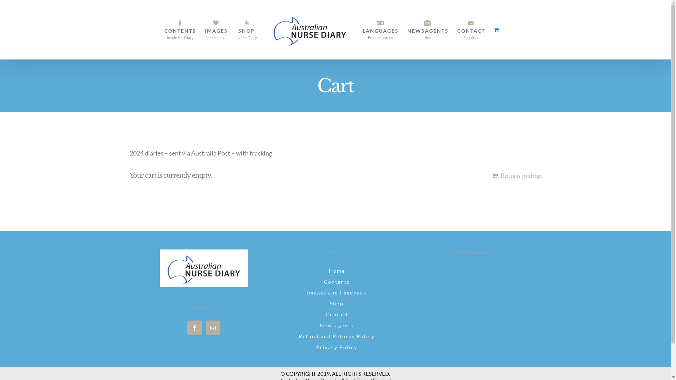  What do you see at coordinates (194, 327) in the screenshot?
I see `'Facebook'` at bounding box center [194, 327].